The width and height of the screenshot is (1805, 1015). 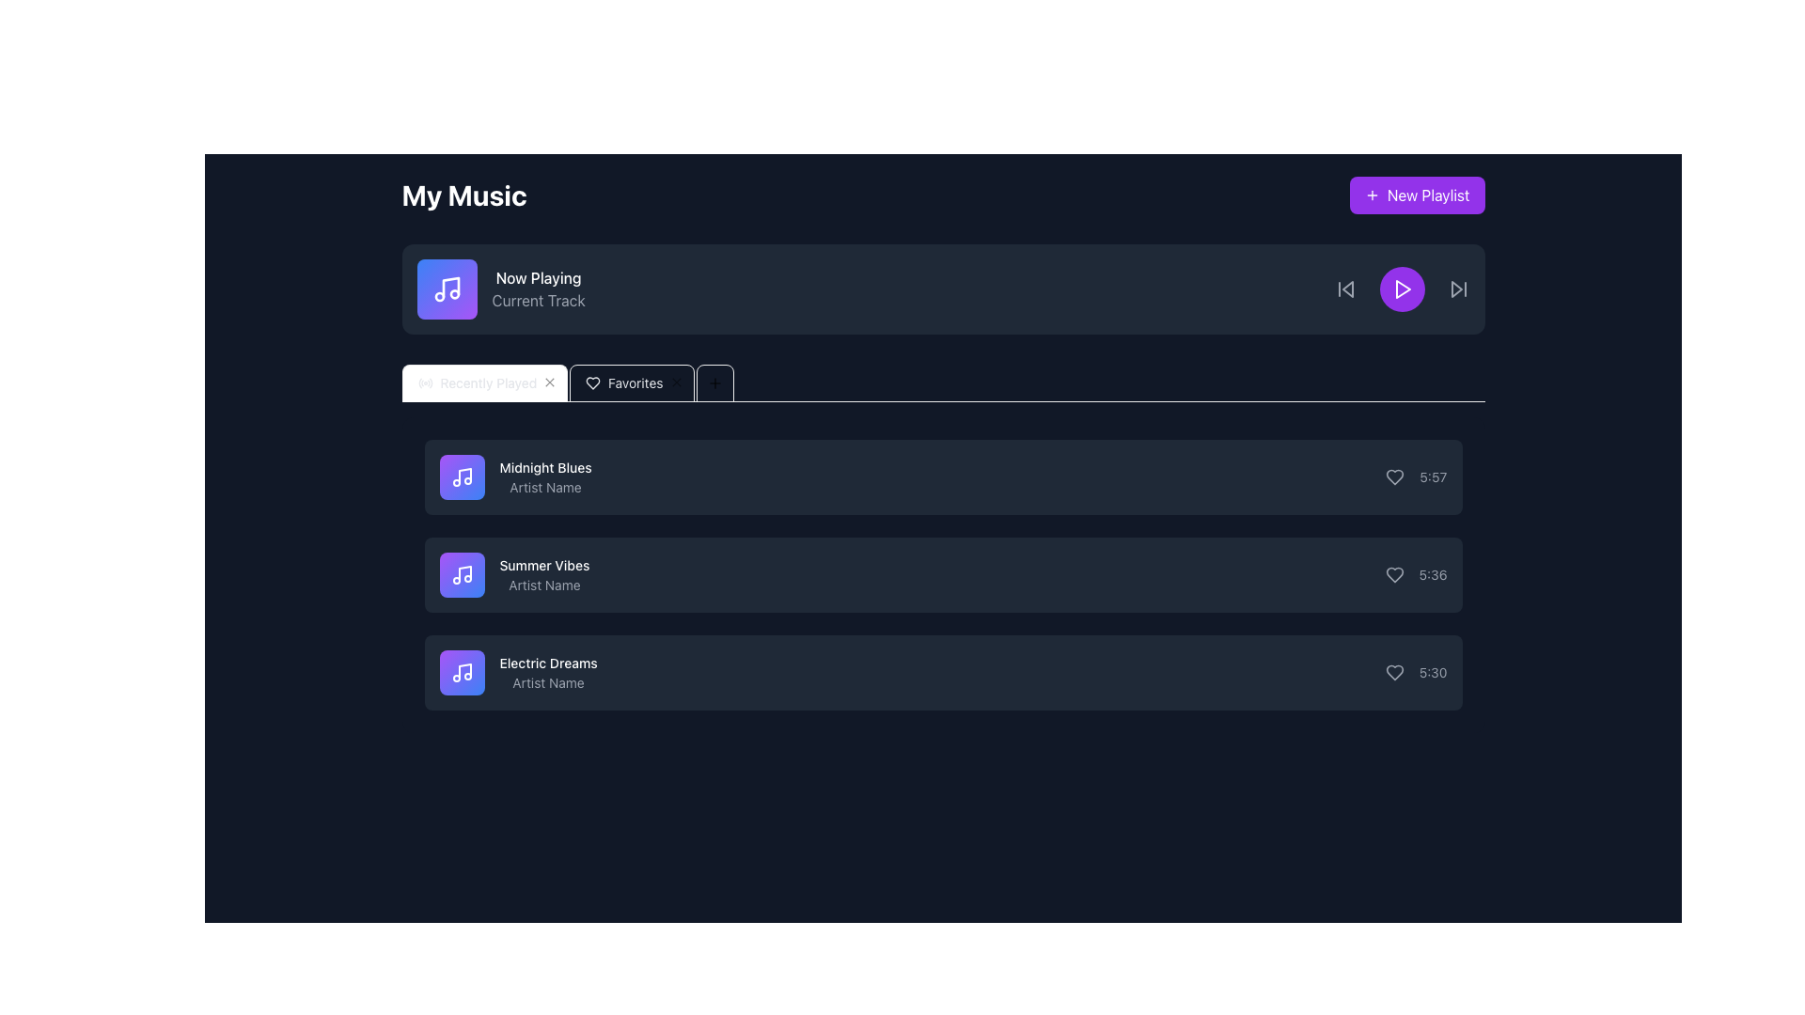 What do you see at coordinates (549, 382) in the screenshot?
I see `the close icon, represented as an 'X' symbol, located near the top center of the list filter bar, directly to the right of the 'Recently Played' or 'Favorites' tabs` at bounding box center [549, 382].